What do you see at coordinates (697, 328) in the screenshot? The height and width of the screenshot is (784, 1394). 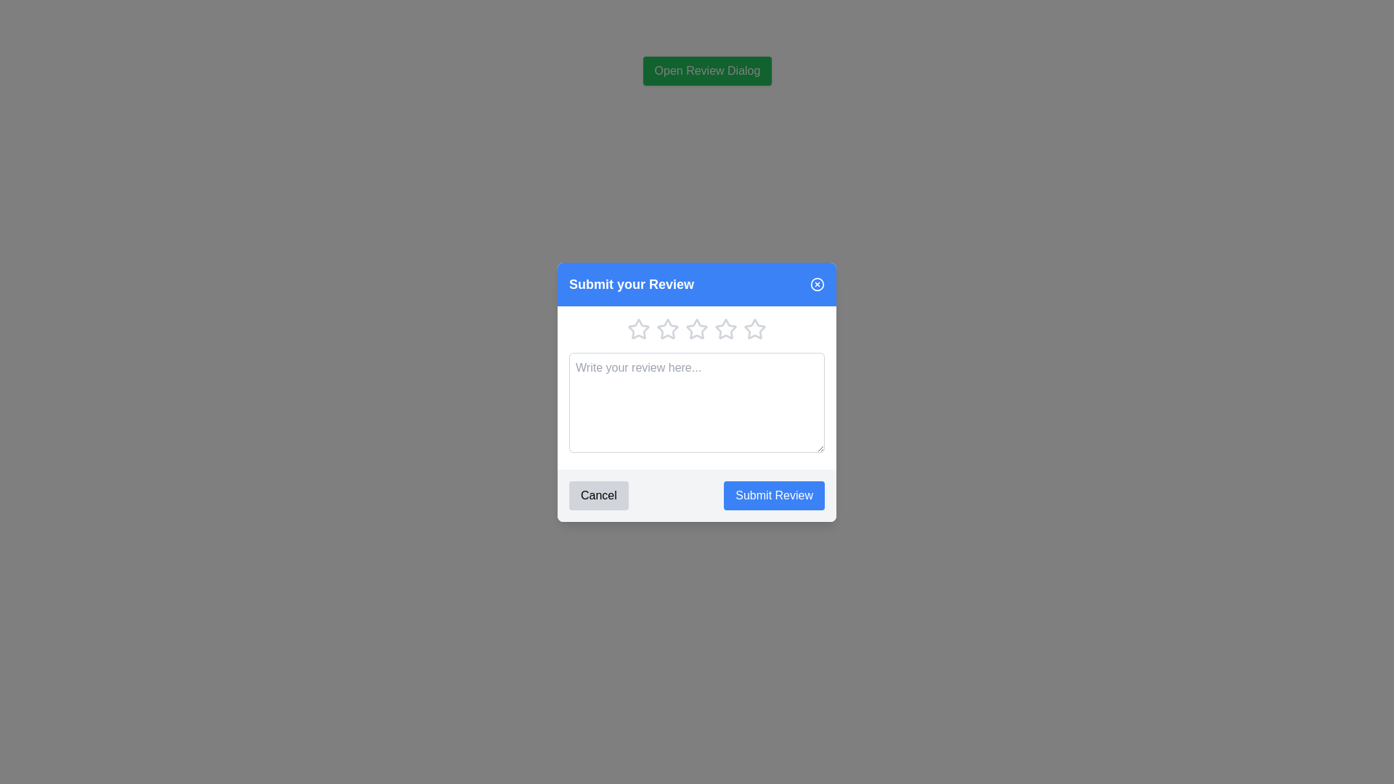 I see `the third star in the five-star rating component` at bounding box center [697, 328].